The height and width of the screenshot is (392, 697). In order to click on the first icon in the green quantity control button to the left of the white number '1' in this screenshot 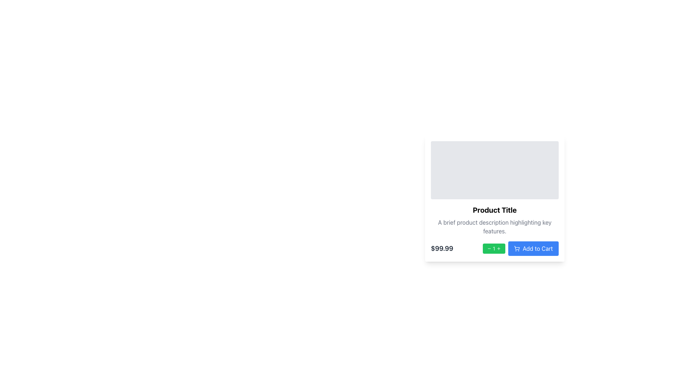, I will do `click(489, 248)`.